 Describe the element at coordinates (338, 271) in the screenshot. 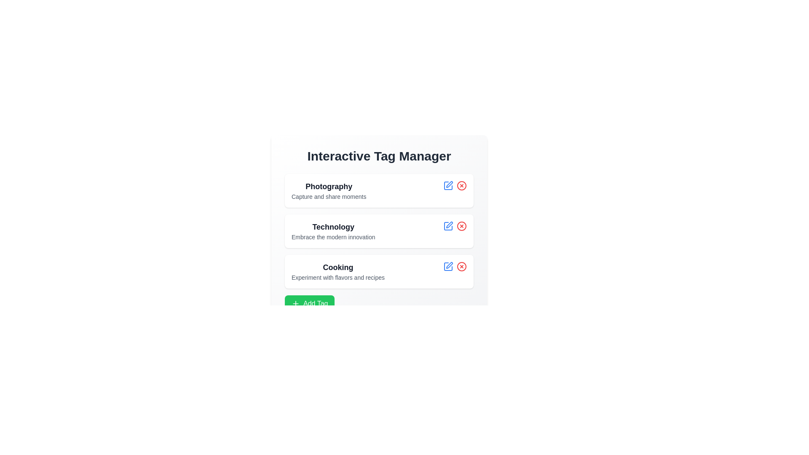

I see `the Text Block titled 'Cooking', which describes the category with the text 'Experiment with flavors and recipes'` at that location.